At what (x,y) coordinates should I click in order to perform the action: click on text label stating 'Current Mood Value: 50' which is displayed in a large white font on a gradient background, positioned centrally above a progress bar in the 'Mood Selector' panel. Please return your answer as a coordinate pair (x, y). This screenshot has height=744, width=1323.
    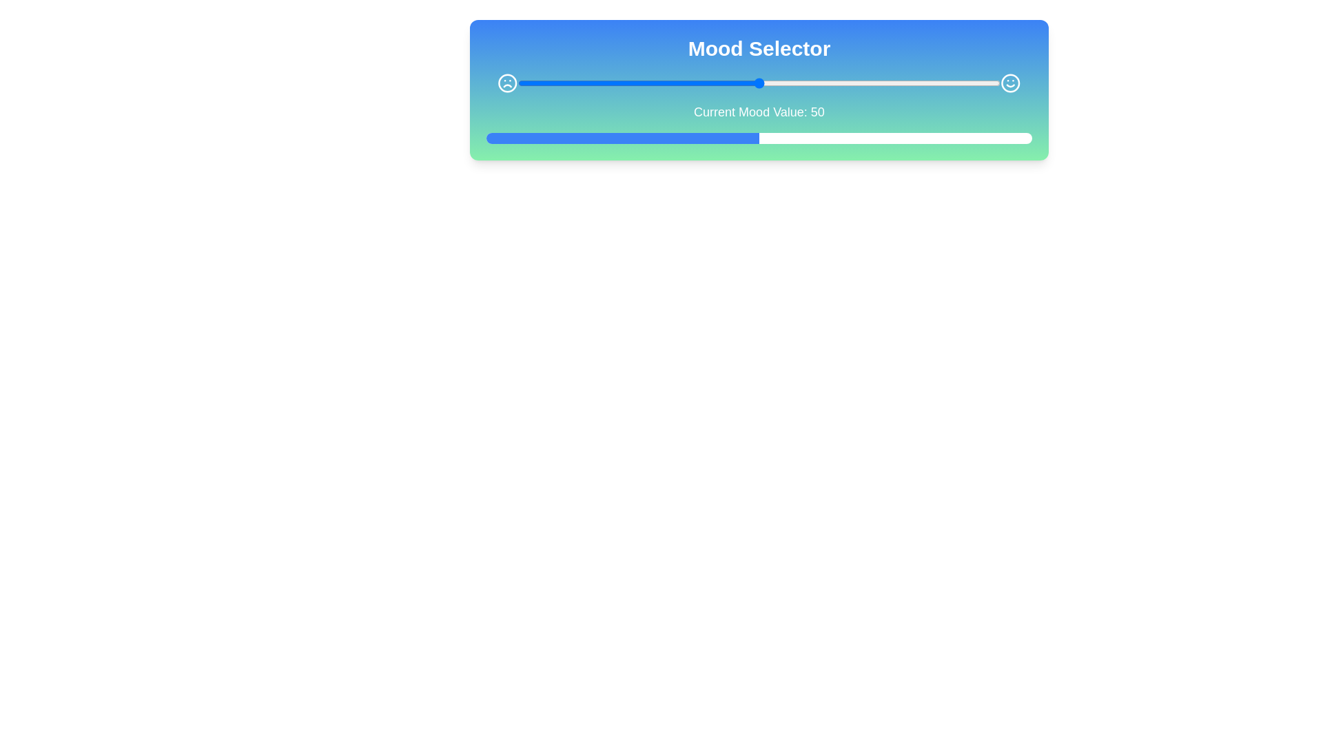
    Looking at the image, I should click on (759, 111).